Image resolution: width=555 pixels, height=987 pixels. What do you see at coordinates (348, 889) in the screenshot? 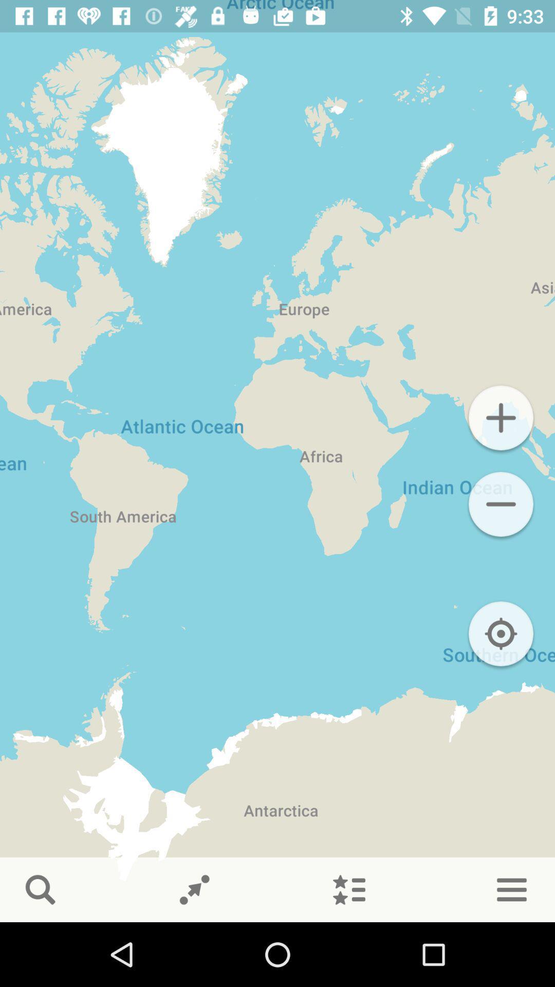
I see `the list icon` at bounding box center [348, 889].